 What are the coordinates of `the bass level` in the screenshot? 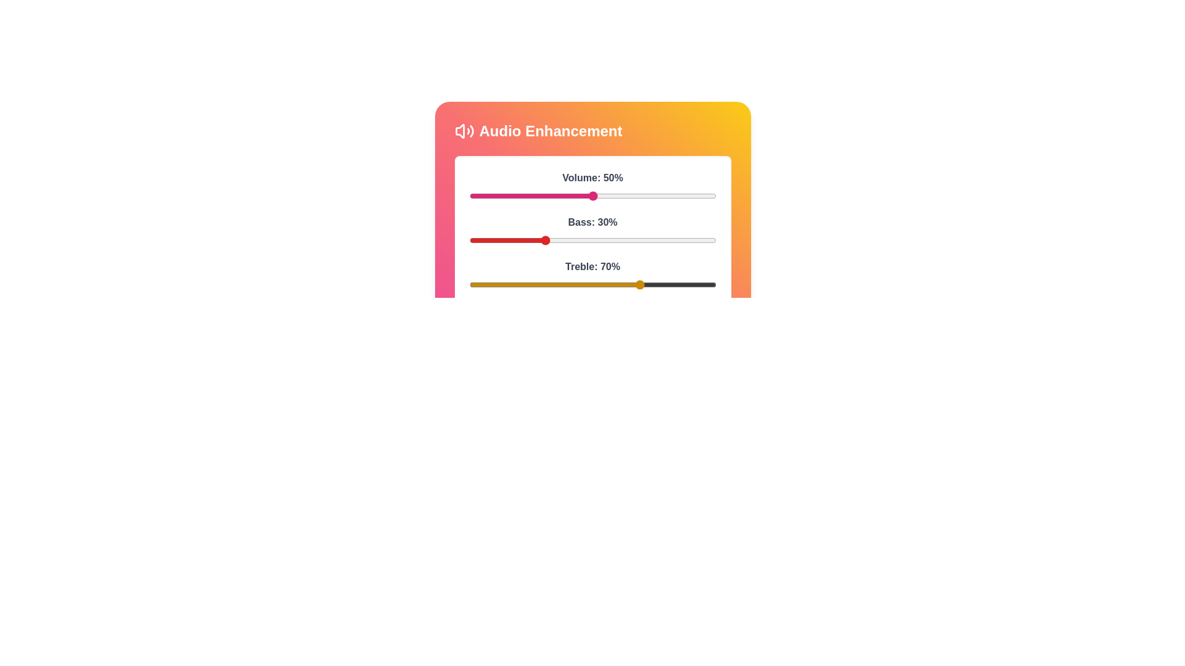 It's located at (580, 240).